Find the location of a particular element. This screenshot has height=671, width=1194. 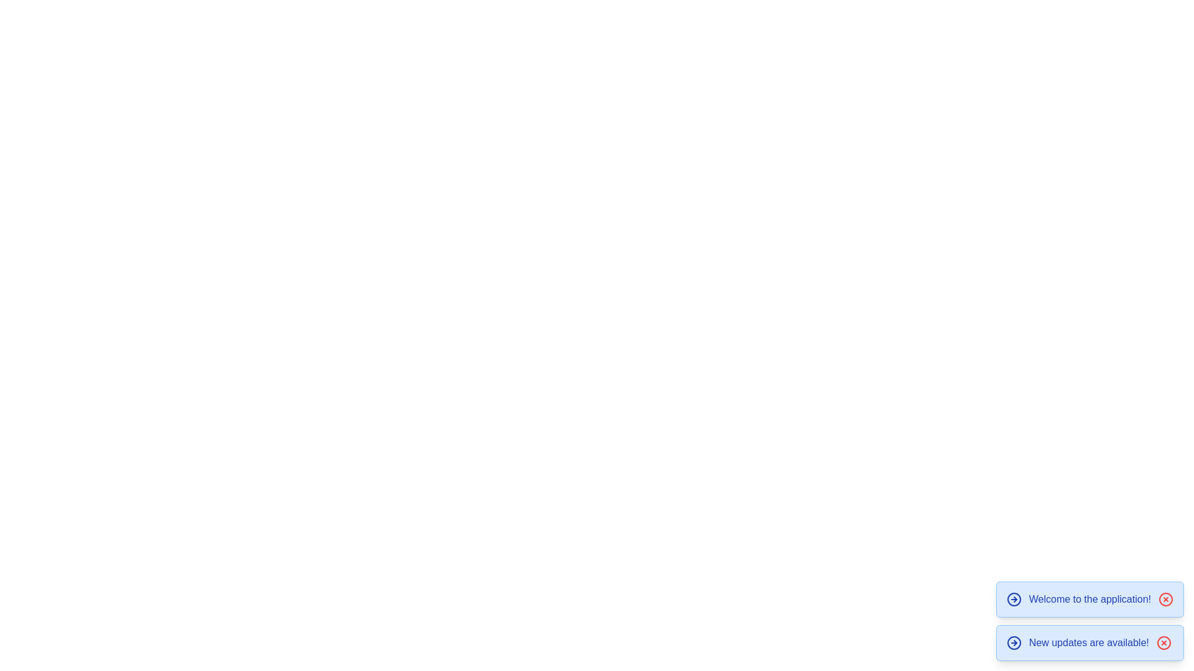

the small circular icon with a rightward-pointing arrow, which is styled with a blue outline and is located at the leftmost edge of the notification box displaying 'Welcome to the application!' is located at coordinates (1014, 598).